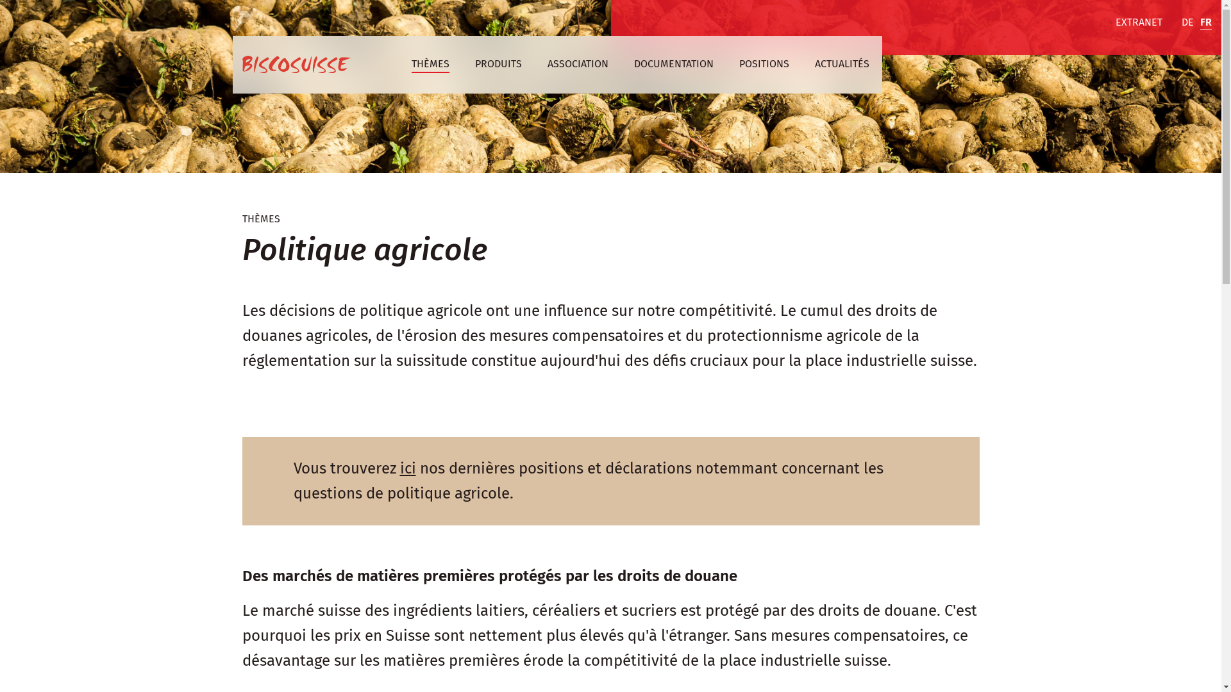 The width and height of the screenshot is (1231, 692). I want to click on 'FR', so click(1205, 22).